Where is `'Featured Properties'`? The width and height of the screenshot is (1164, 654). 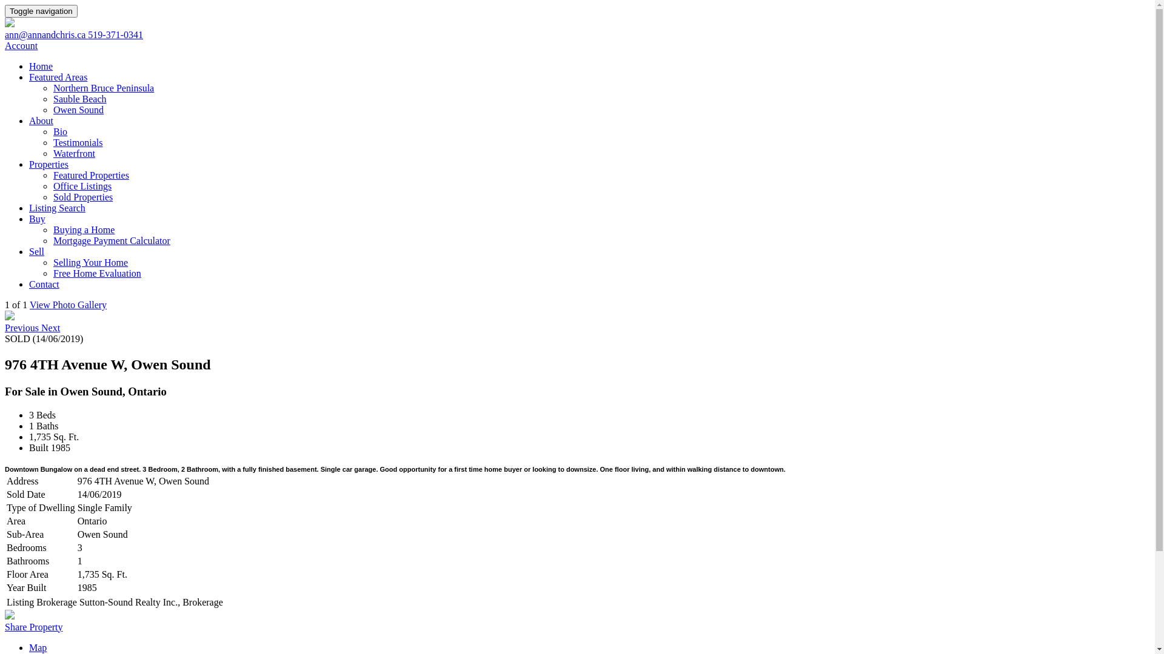 'Featured Properties' is located at coordinates (90, 175).